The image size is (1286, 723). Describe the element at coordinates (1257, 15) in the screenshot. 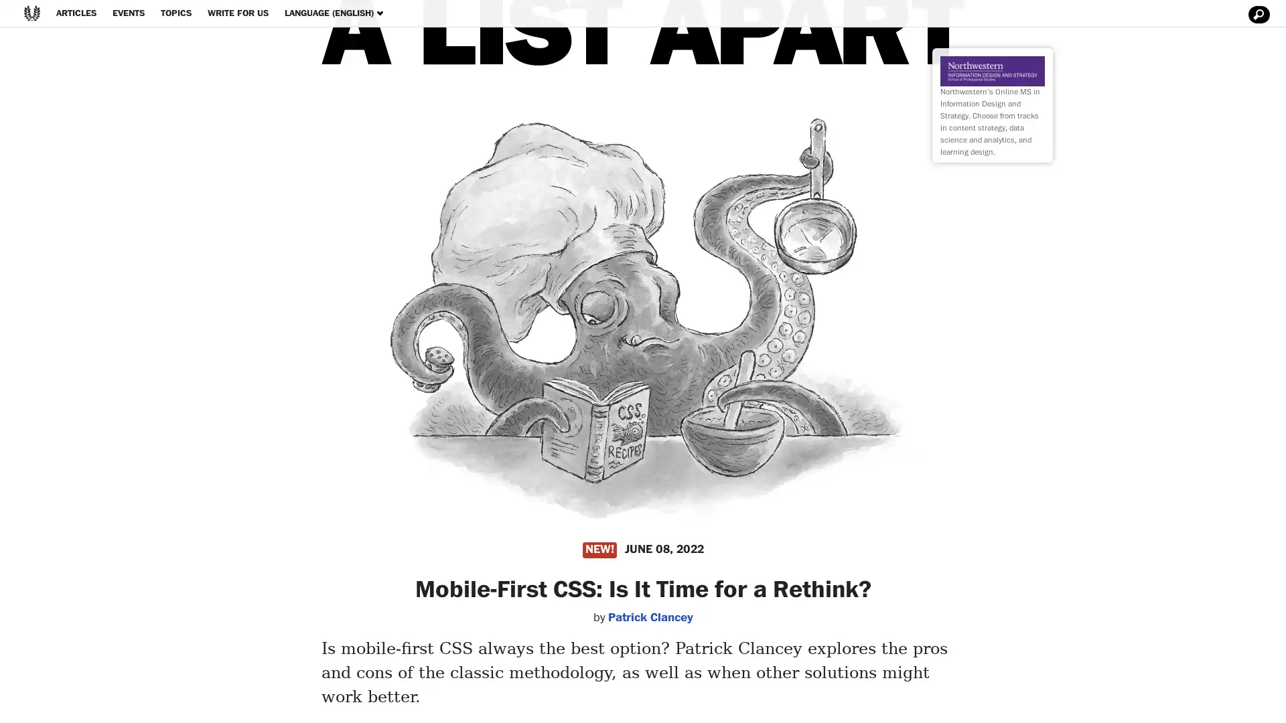

I see `Search` at that location.